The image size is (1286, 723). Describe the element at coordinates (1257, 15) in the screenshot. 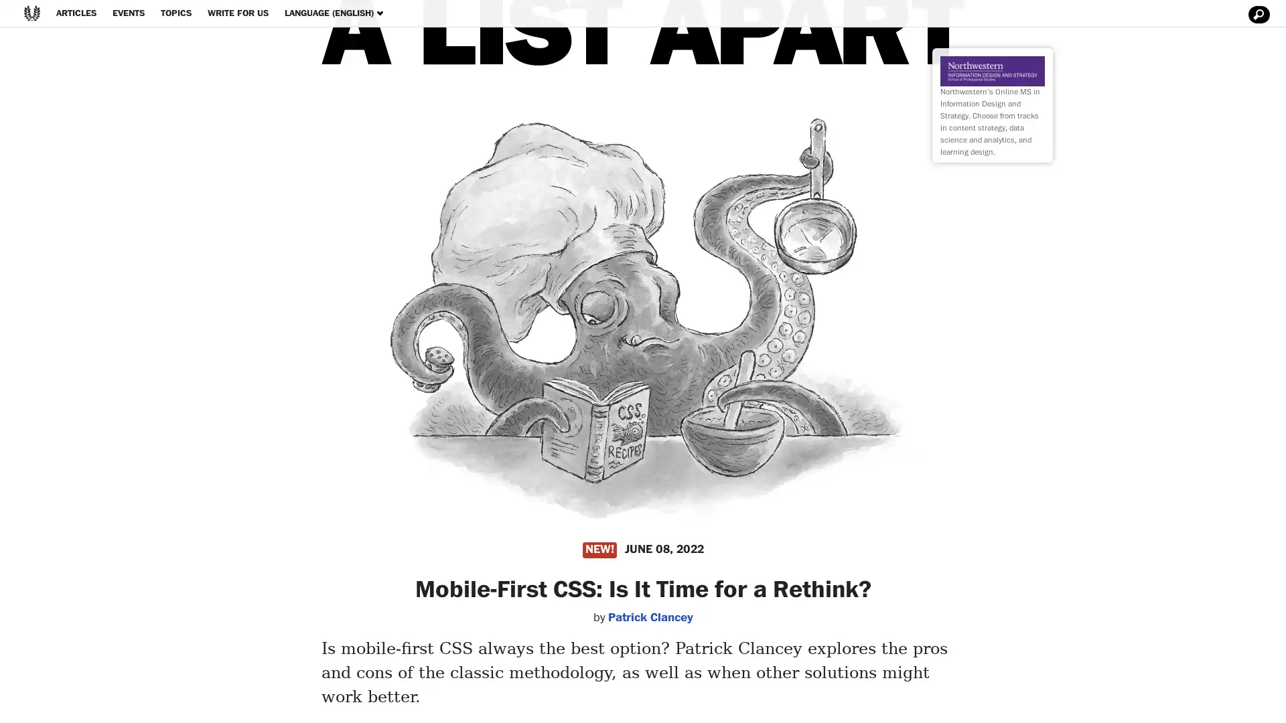

I see `Search` at that location.